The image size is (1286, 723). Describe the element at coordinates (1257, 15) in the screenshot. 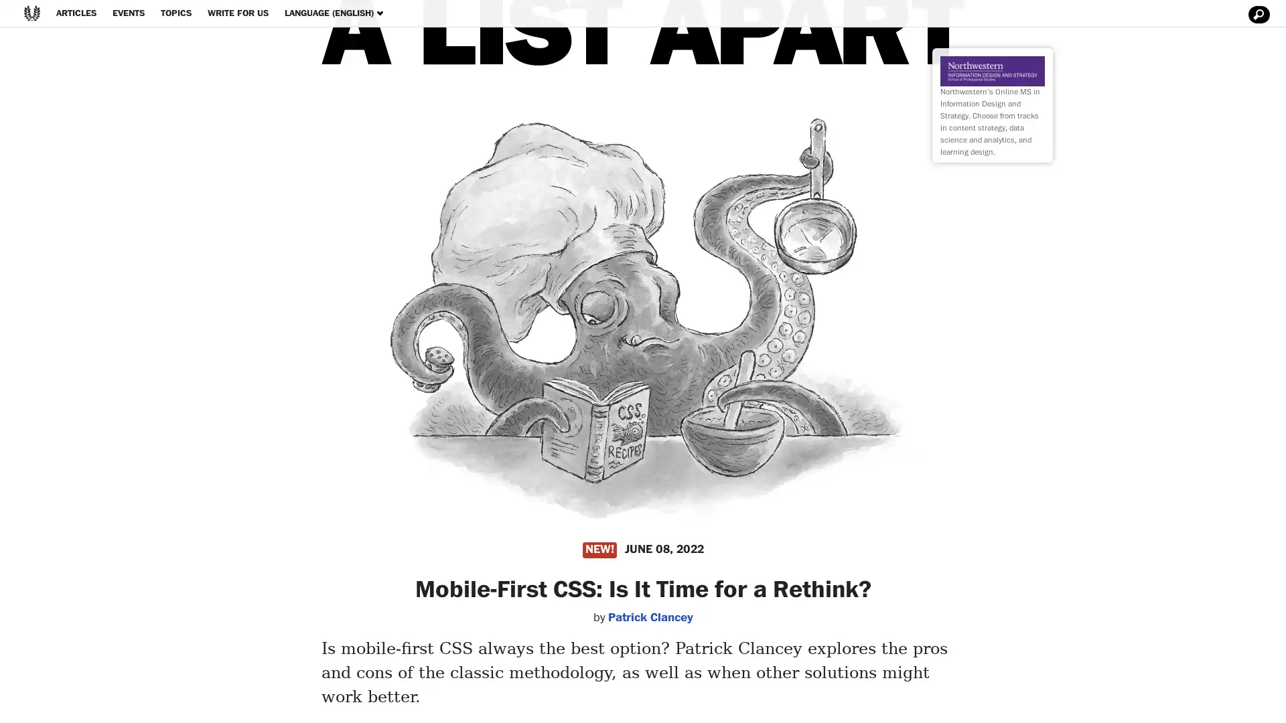

I see `Search` at that location.